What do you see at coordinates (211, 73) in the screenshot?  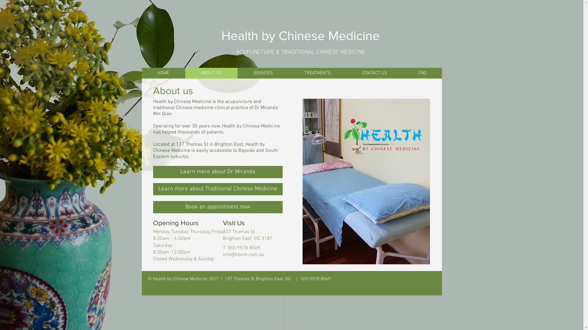 I see `'ABOUT US'` at bounding box center [211, 73].